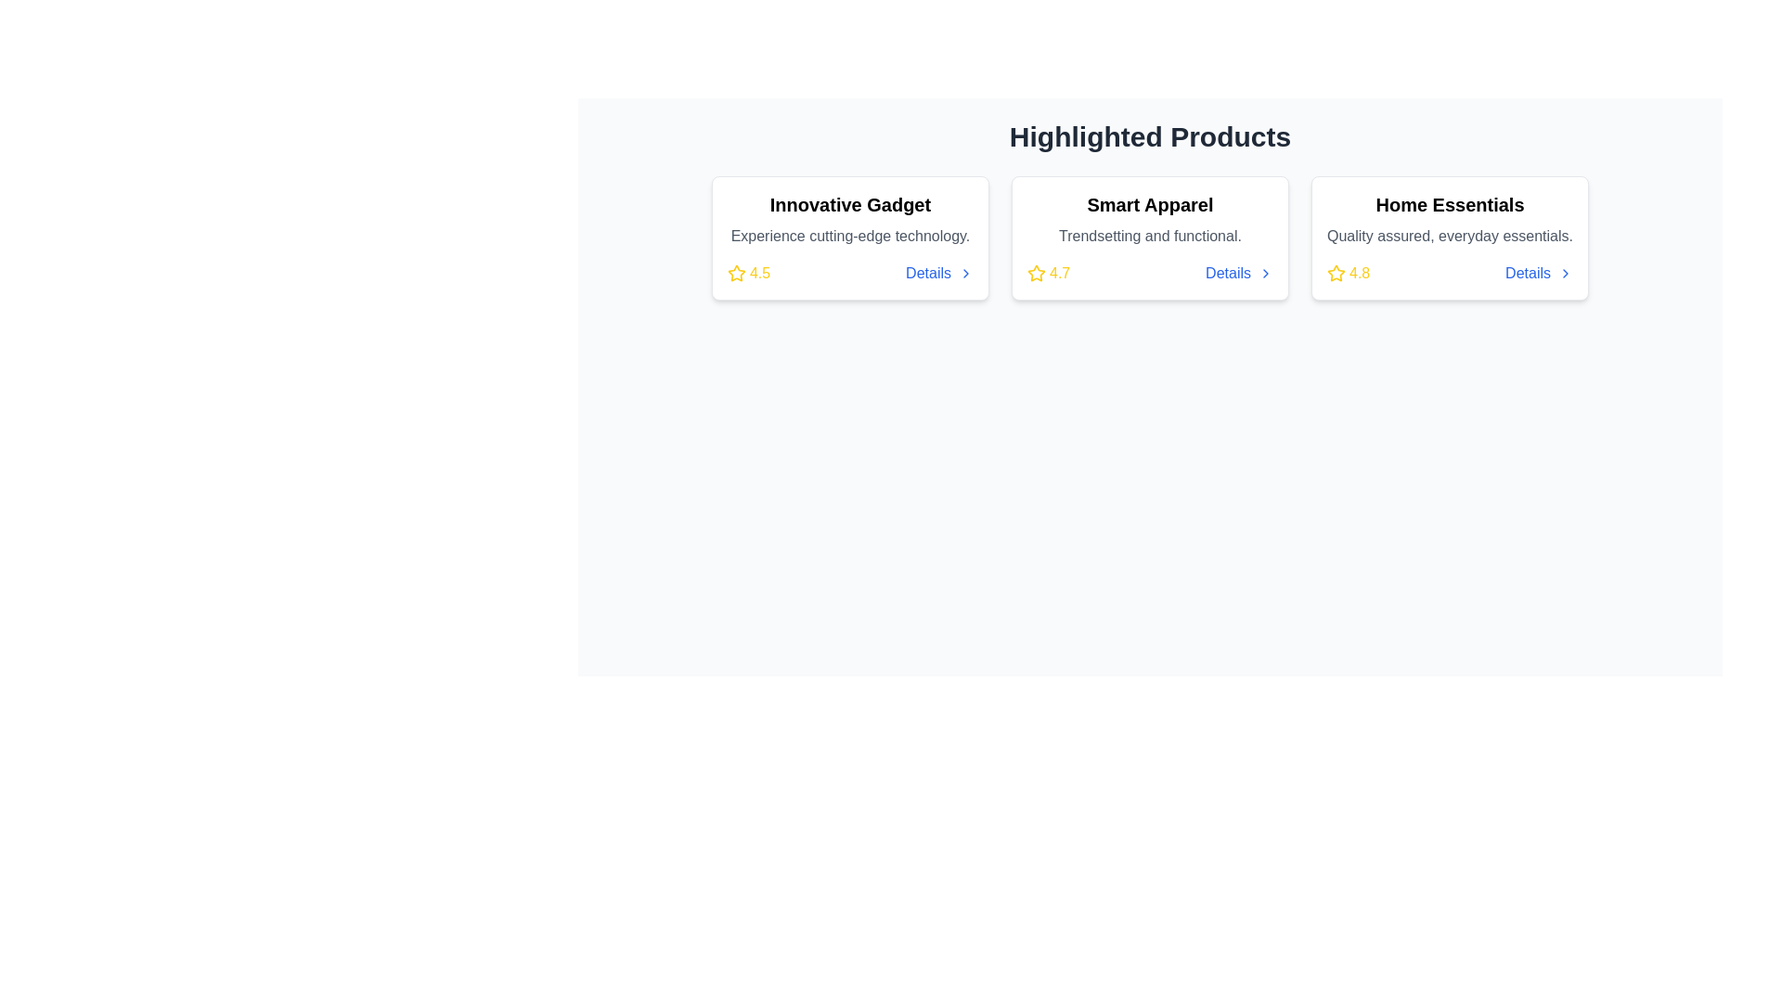  Describe the element at coordinates (849, 273) in the screenshot. I see `the rating score and details link element located at the bottom-right of the 'Innovative Gadget' card` at that location.